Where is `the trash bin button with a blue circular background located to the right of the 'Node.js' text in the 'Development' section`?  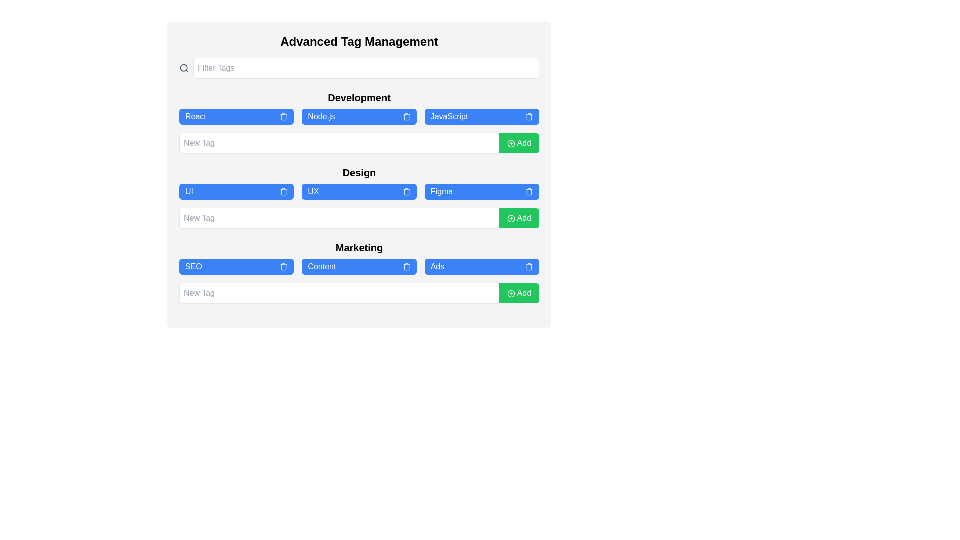
the trash bin button with a blue circular background located to the right of the 'Node.js' text in the 'Development' section is located at coordinates (406, 116).